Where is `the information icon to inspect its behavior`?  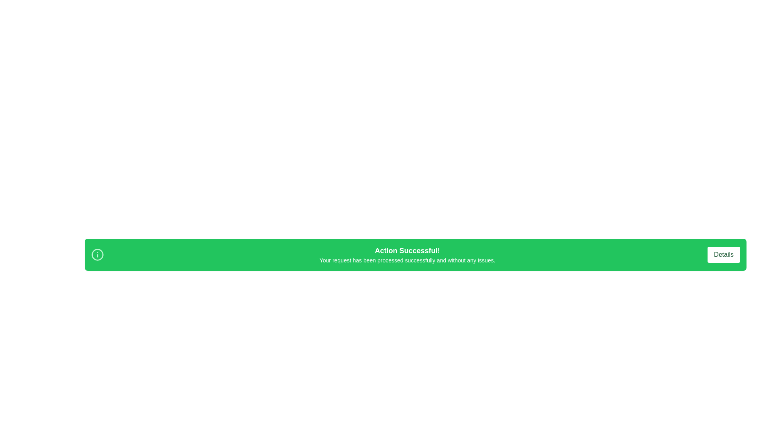 the information icon to inspect its behavior is located at coordinates (97, 254).